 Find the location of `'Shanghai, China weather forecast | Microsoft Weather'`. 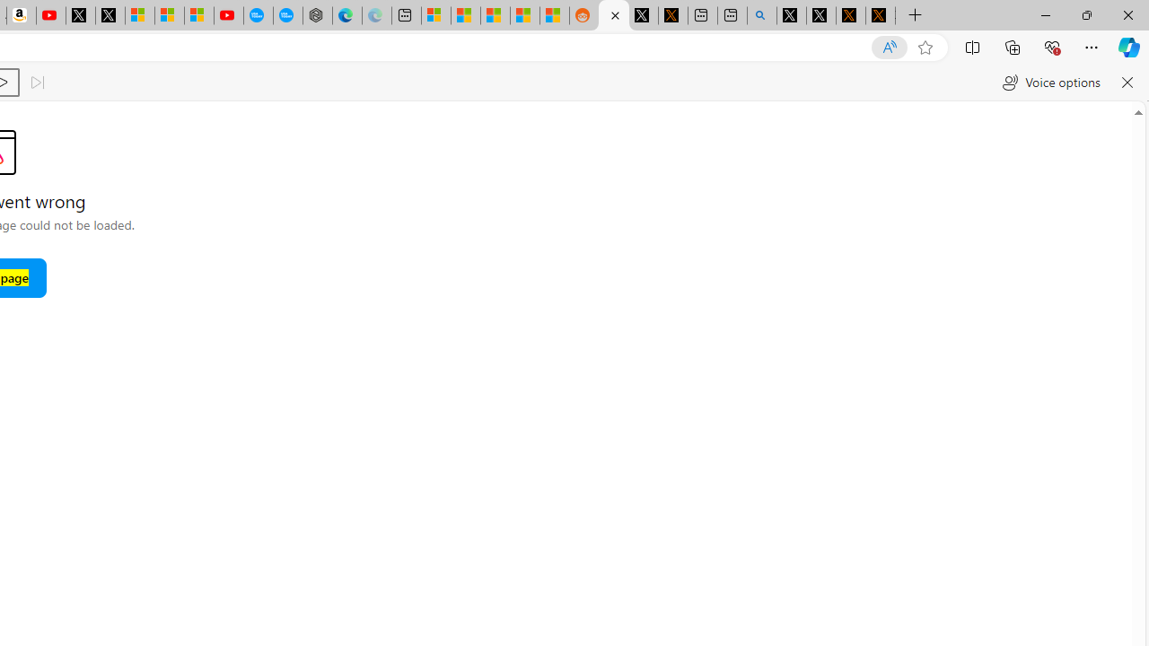

'Shanghai, China weather forecast | Microsoft Weather' is located at coordinates (466, 15).